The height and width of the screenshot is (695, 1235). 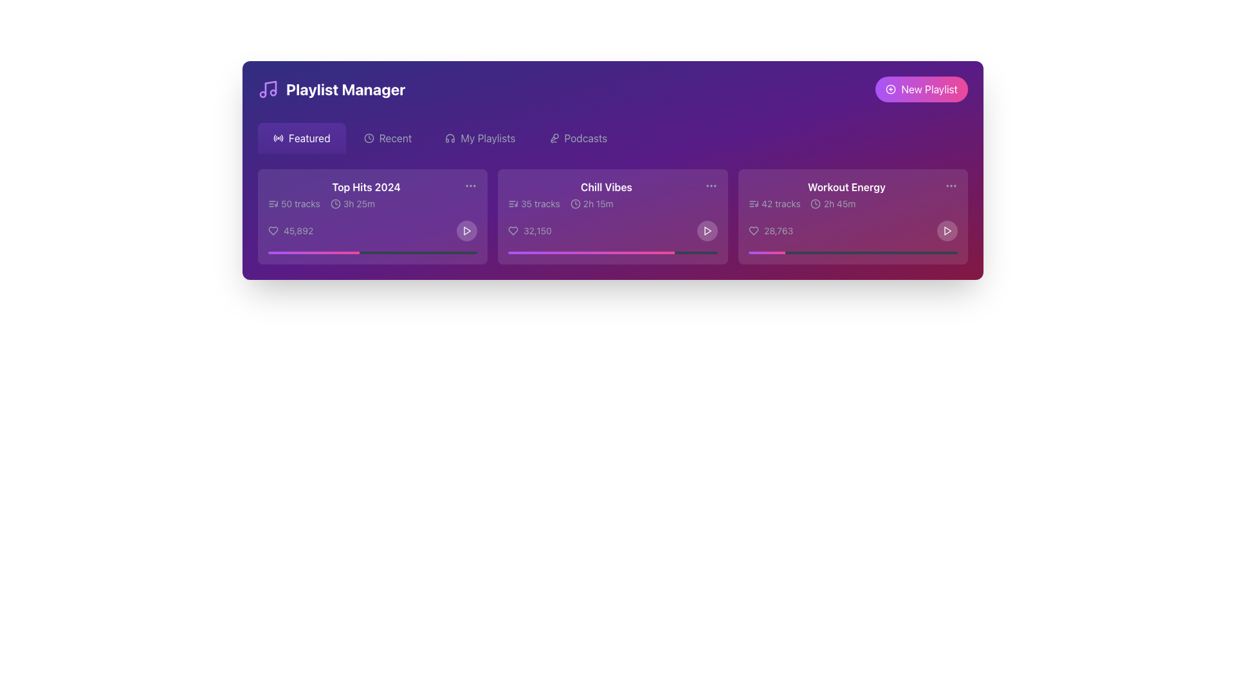 What do you see at coordinates (479, 138) in the screenshot?
I see `the 'My Playlists' button, which is the third option in the horizontal menu bar` at bounding box center [479, 138].